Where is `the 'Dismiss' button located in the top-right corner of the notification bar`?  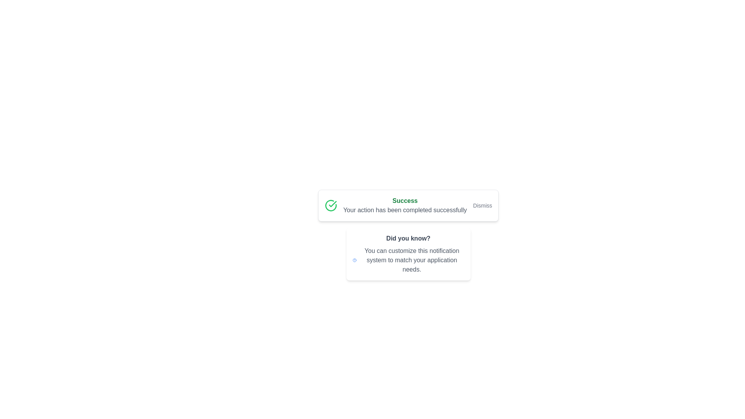
the 'Dismiss' button located in the top-right corner of the notification bar is located at coordinates (482, 205).